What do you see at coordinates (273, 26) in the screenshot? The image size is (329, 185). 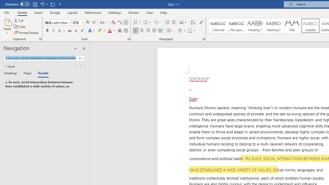 I see `'Heading 2'` at bounding box center [273, 26].